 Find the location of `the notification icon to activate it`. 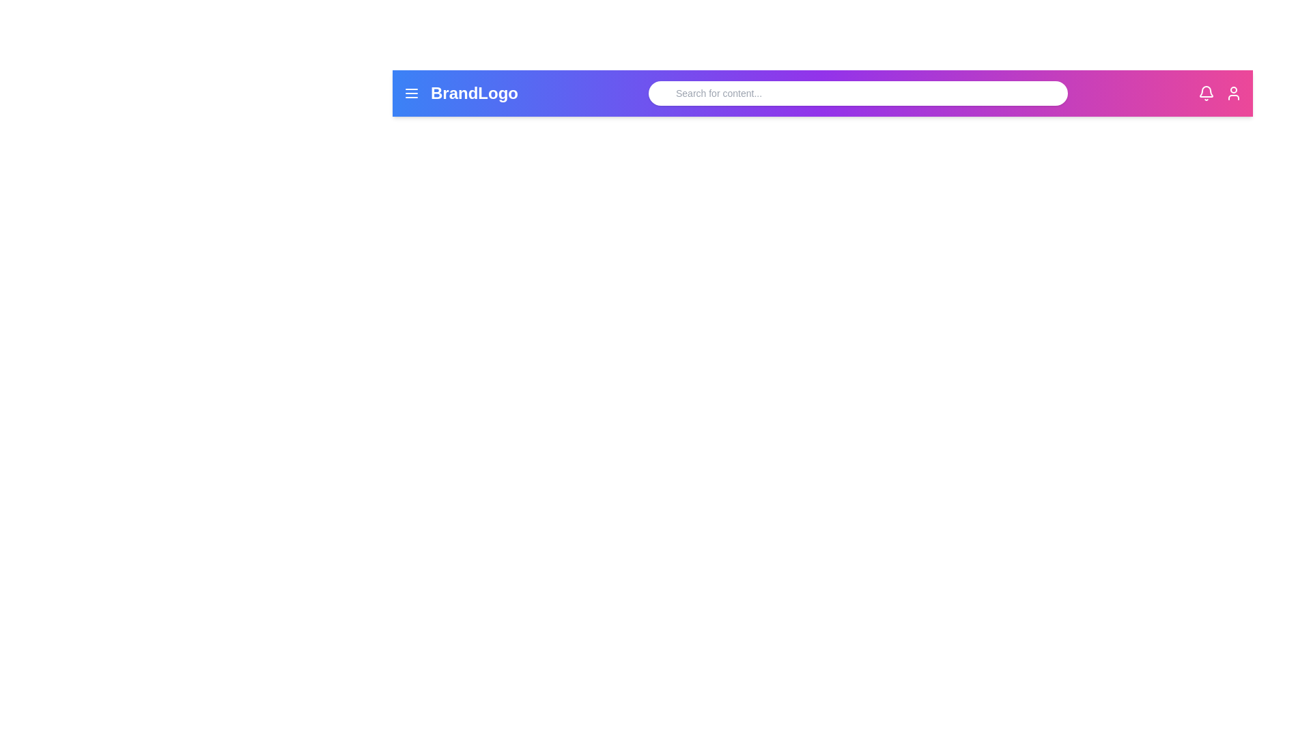

the notification icon to activate it is located at coordinates (1206, 93).